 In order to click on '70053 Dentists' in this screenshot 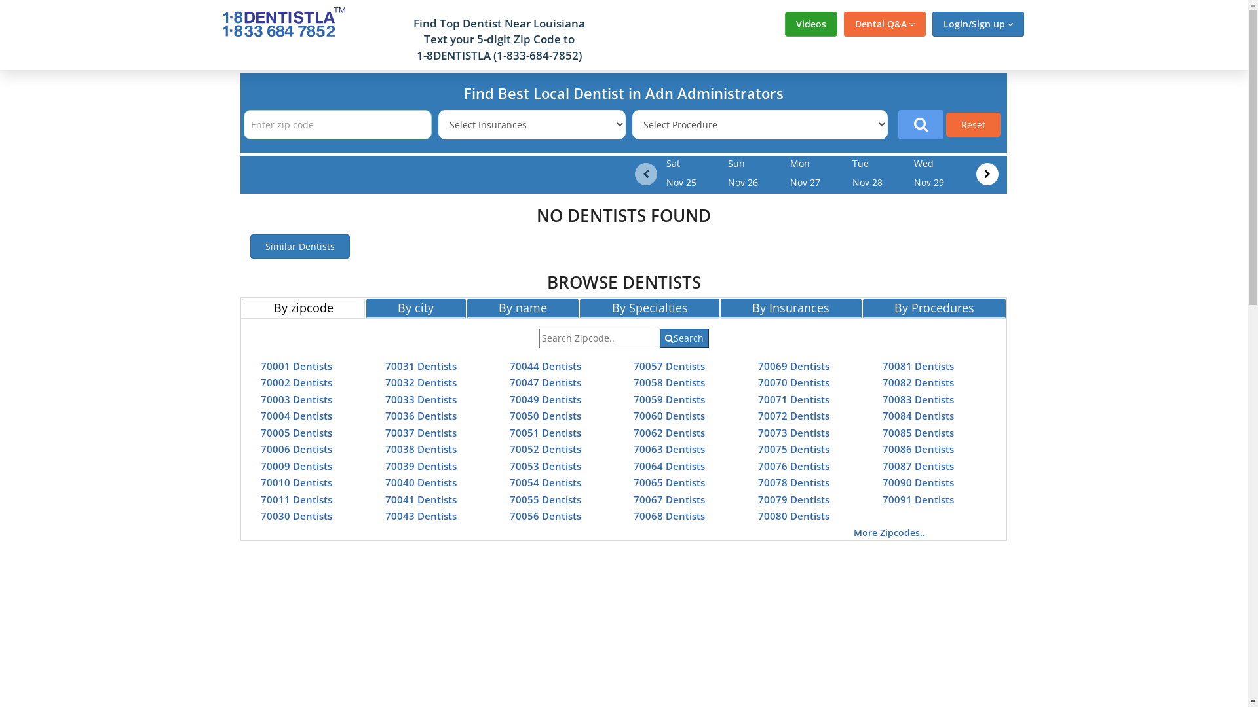, I will do `click(545, 465)`.